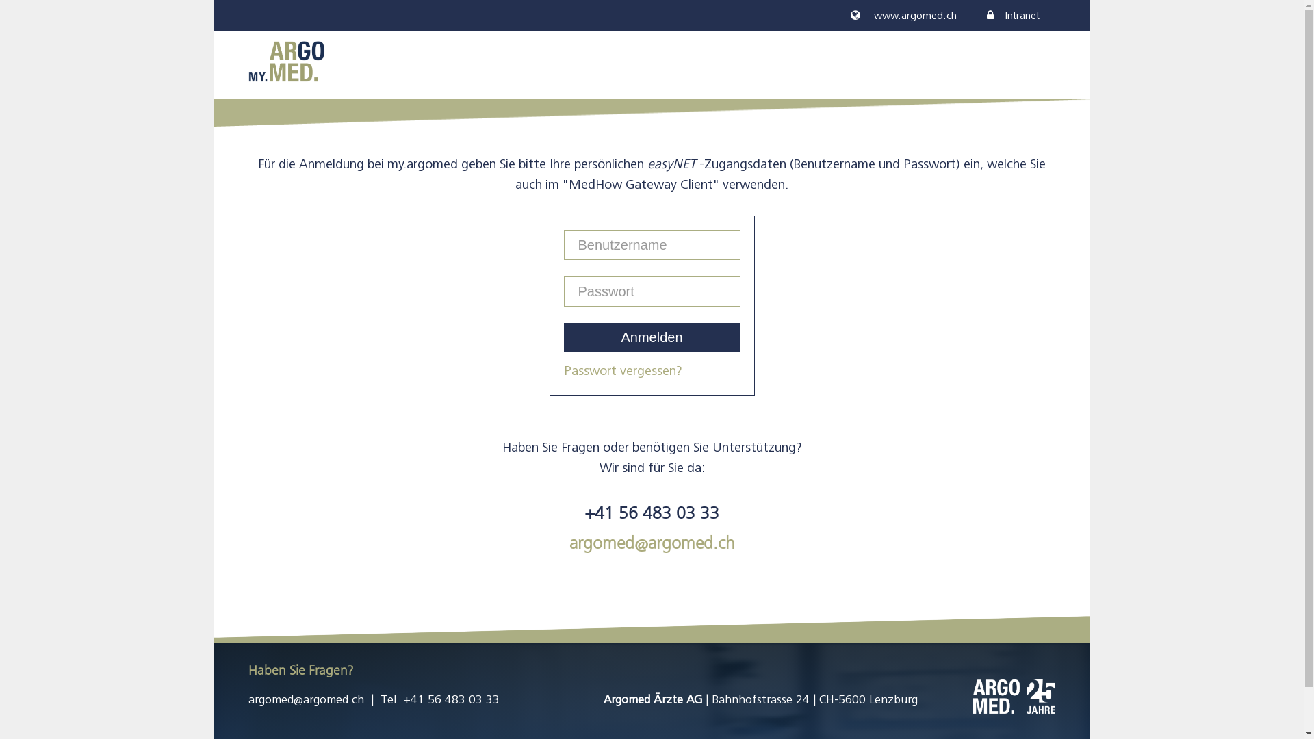 This screenshot has width=1314, height=739. Describe the element at coordinates (564, 337) in the screenshot. I see `'Anmelden'` at that location.